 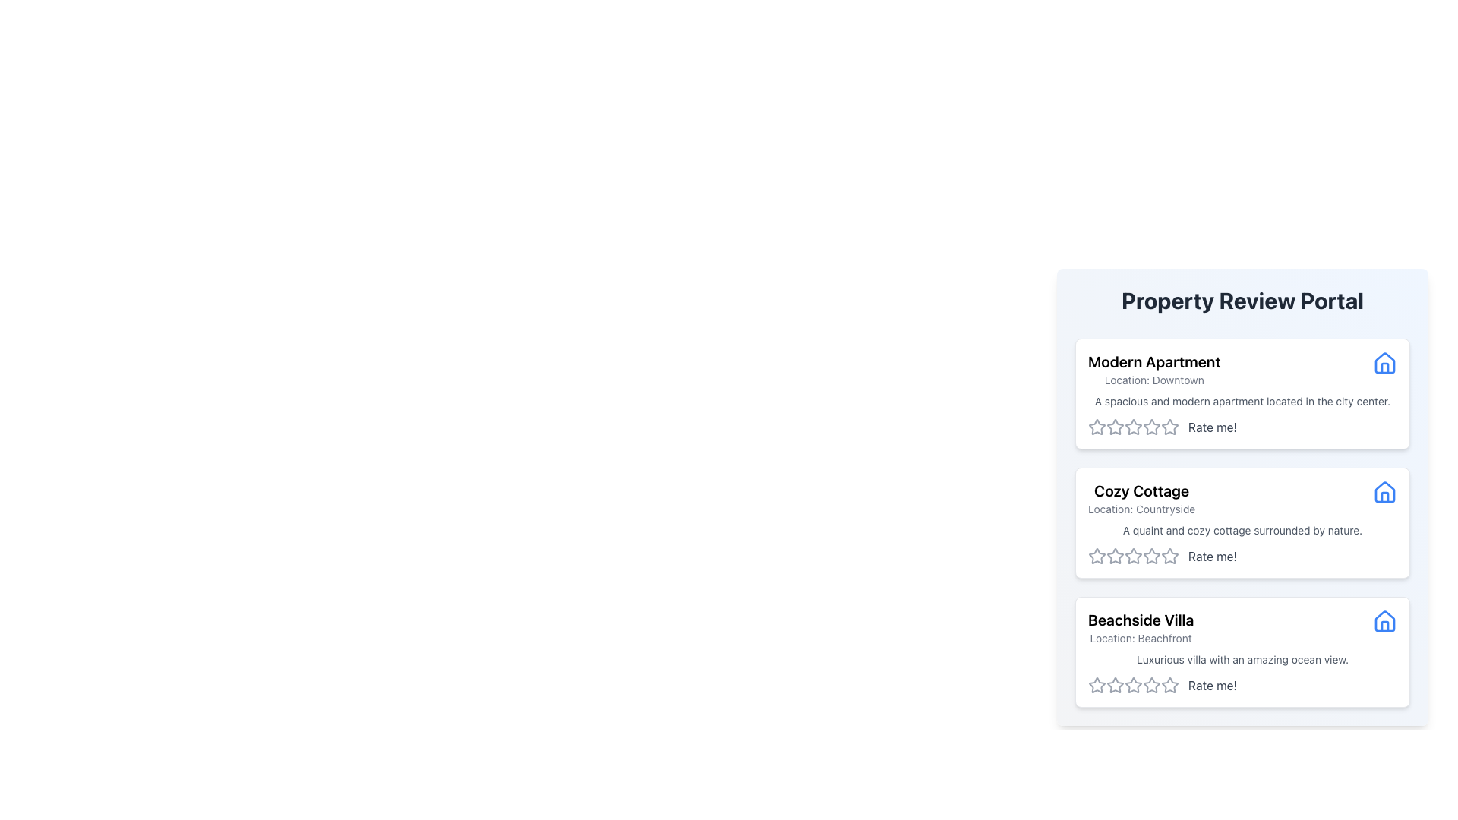 I want to click on the Text Label that displays the location of the property, positioned beneath the title 'Cozy Cottage' within a card layout, so click(x=1141, y=509).